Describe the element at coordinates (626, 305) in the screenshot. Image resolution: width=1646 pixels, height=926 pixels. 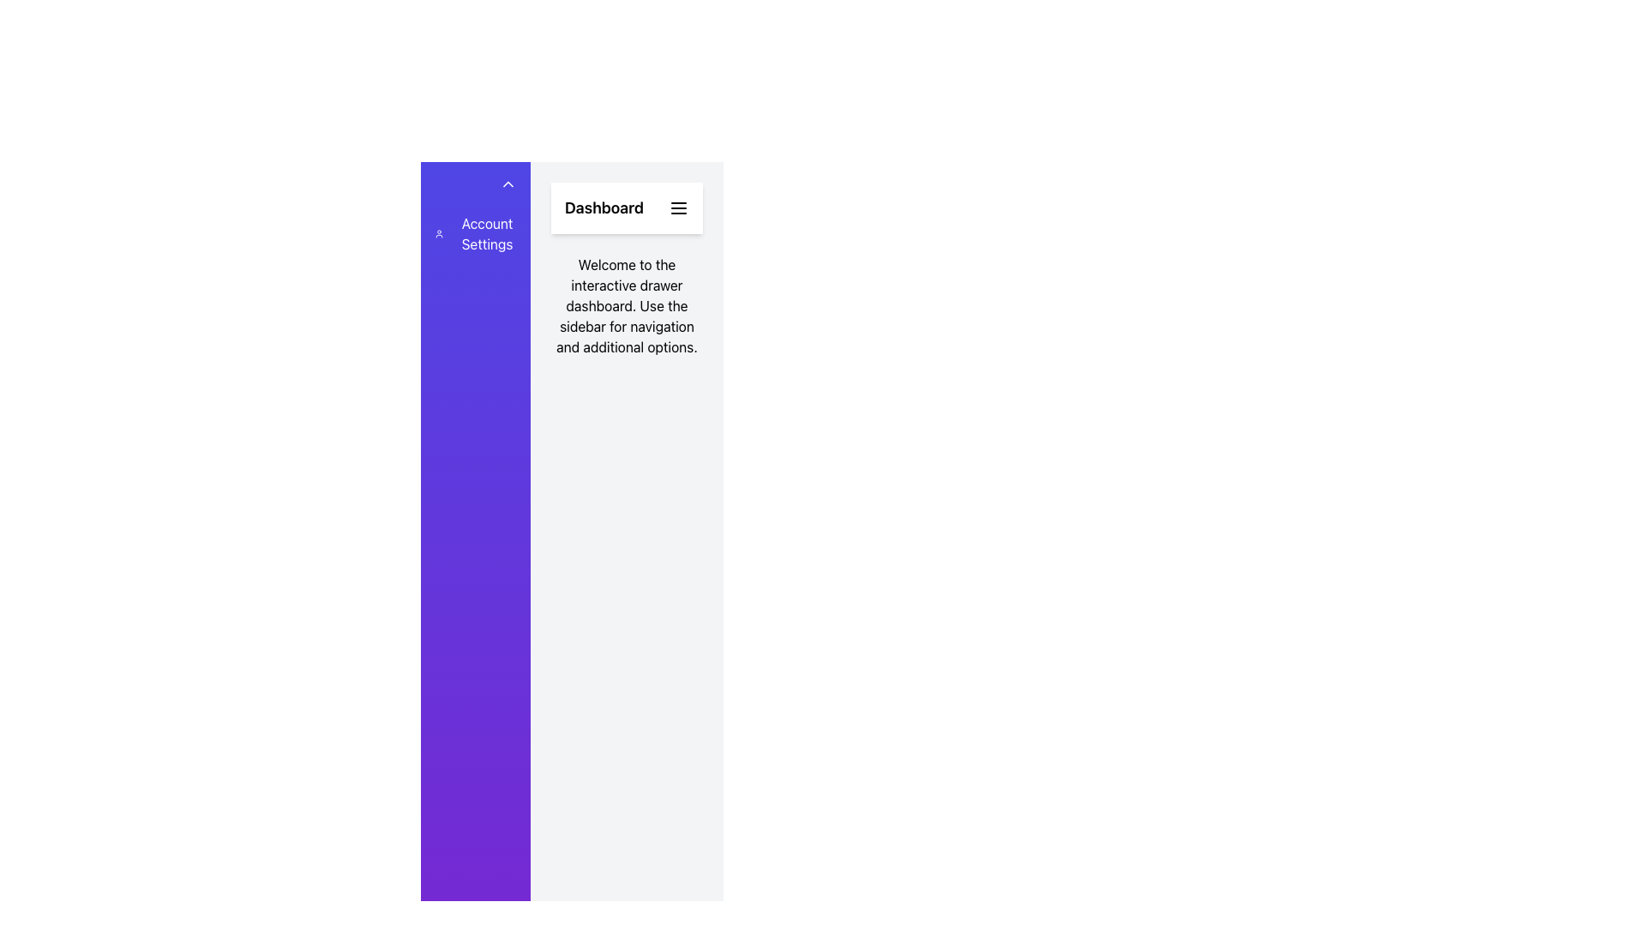
I see `instructional text block located directly below the 'Dashboard' title and menu icon in the dashboard interface` at that location.